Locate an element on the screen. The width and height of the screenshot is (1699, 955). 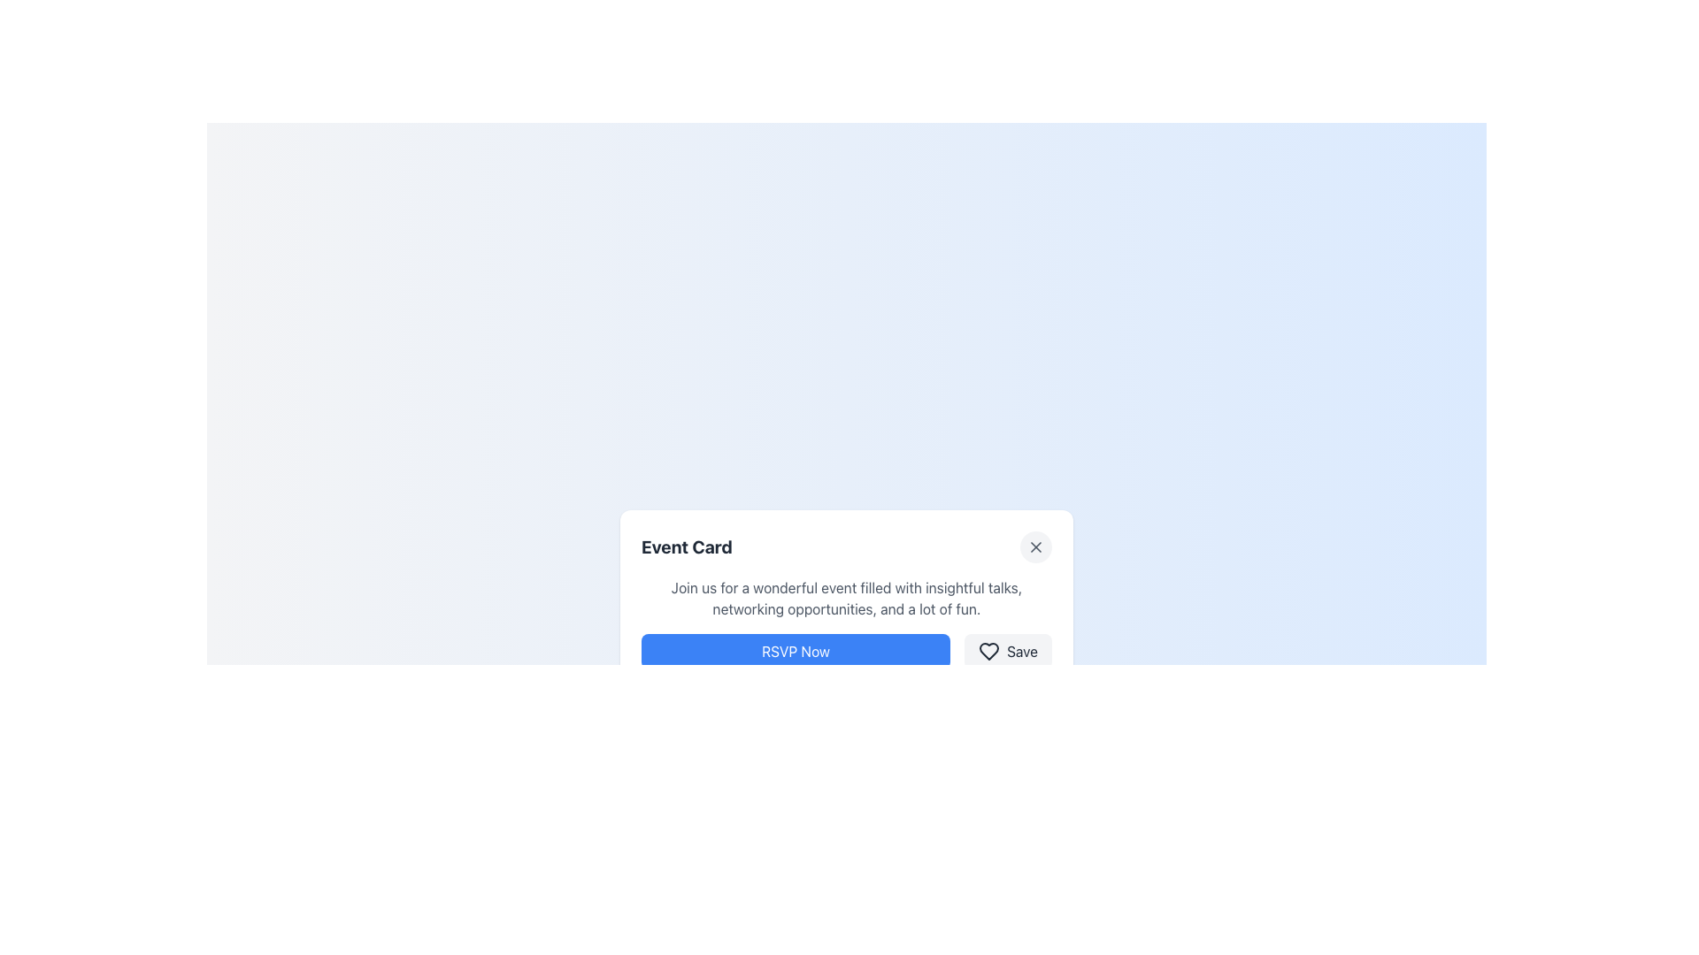
the text block containing the message 'Join us for a wonderful event filled with insightful talks, networking opportunities, and a lot of fun.', which is located centrally within the modal card below the title 'Event Card' and above the buttons 'RSVP Now' and 'Save' is located at coordinates (845, 598).